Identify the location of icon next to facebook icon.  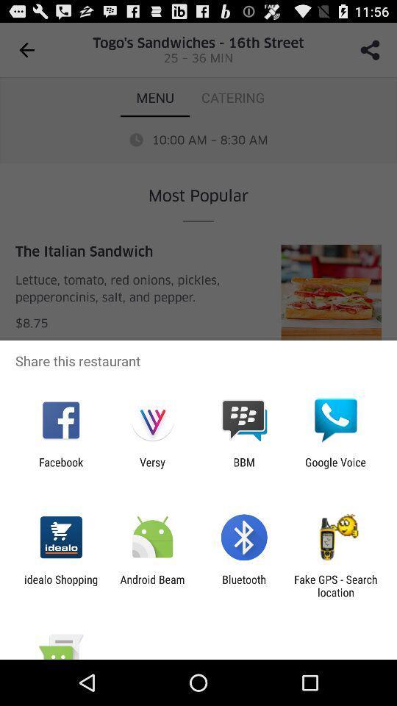
(151, 468).